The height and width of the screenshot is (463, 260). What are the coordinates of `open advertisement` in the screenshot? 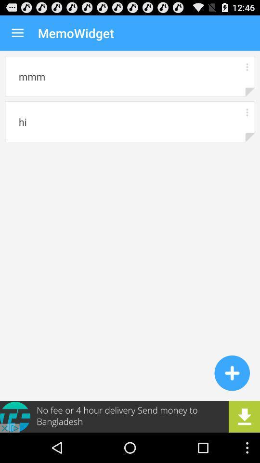 It's located at (130, 416).